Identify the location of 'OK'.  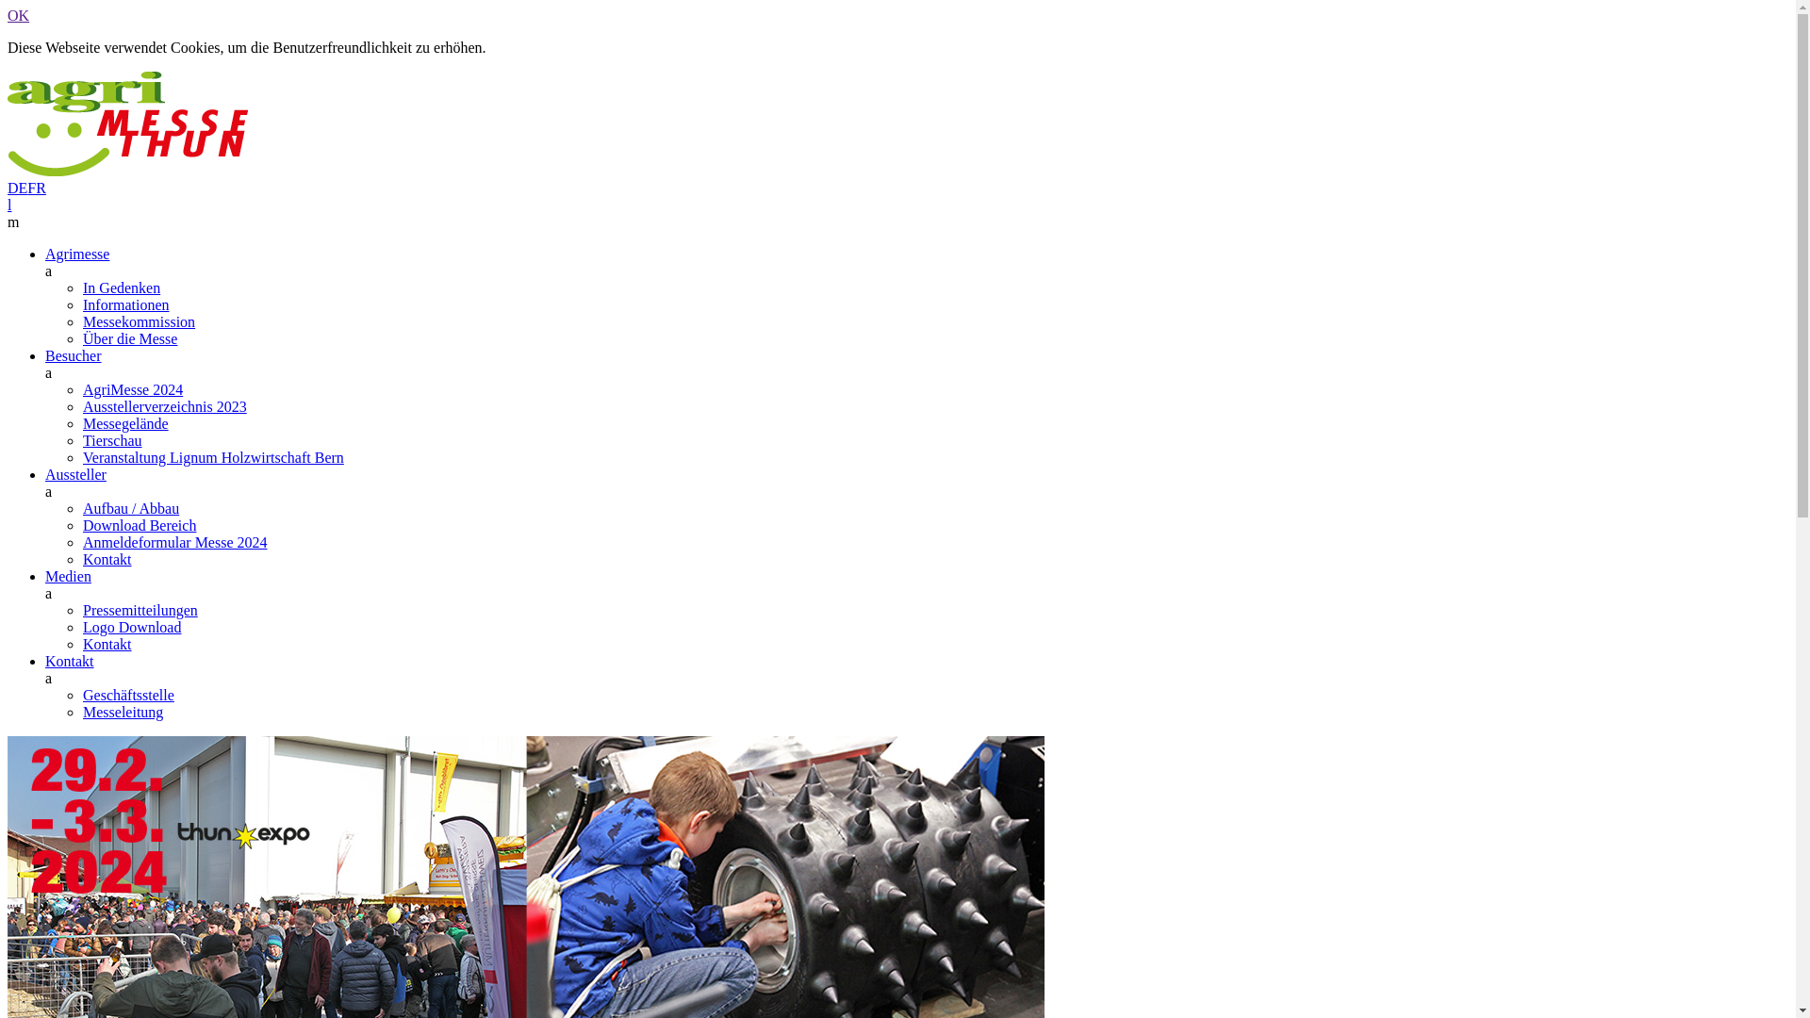
(18, 15).